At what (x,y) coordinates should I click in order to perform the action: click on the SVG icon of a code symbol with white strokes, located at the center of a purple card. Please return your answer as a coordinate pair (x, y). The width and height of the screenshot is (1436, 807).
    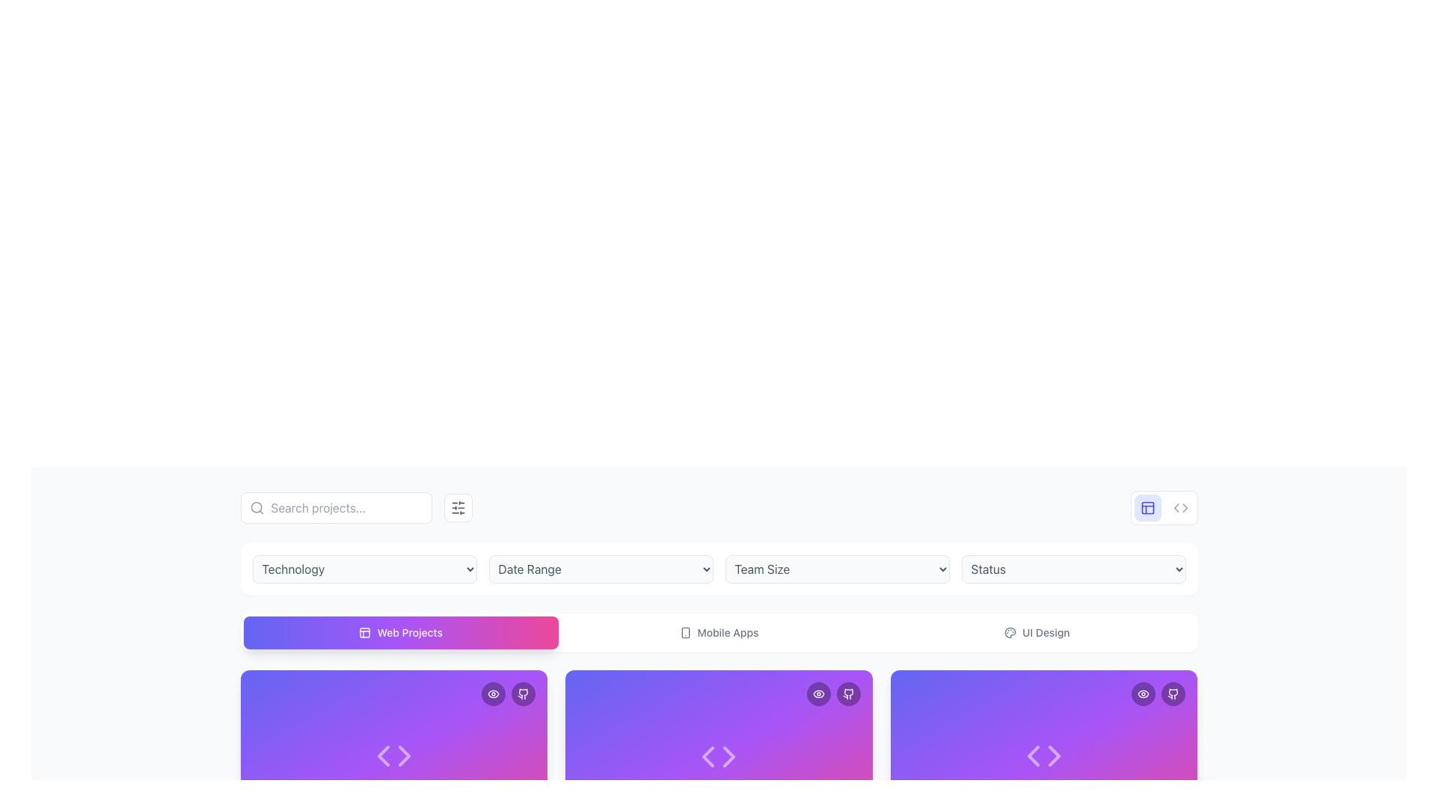
    Looking at the image, I should click on (719, 756).